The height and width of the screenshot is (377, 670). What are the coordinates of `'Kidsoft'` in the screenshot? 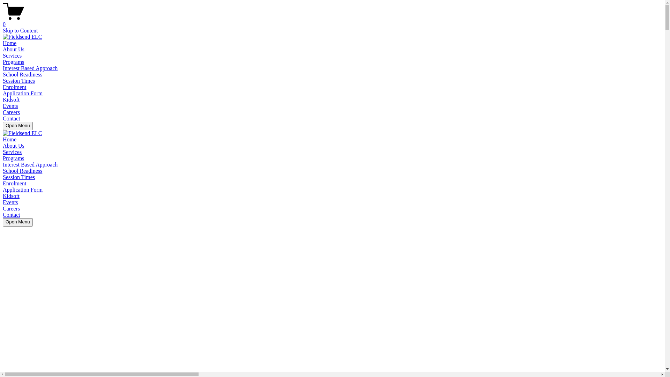 It's located at (11, 196).